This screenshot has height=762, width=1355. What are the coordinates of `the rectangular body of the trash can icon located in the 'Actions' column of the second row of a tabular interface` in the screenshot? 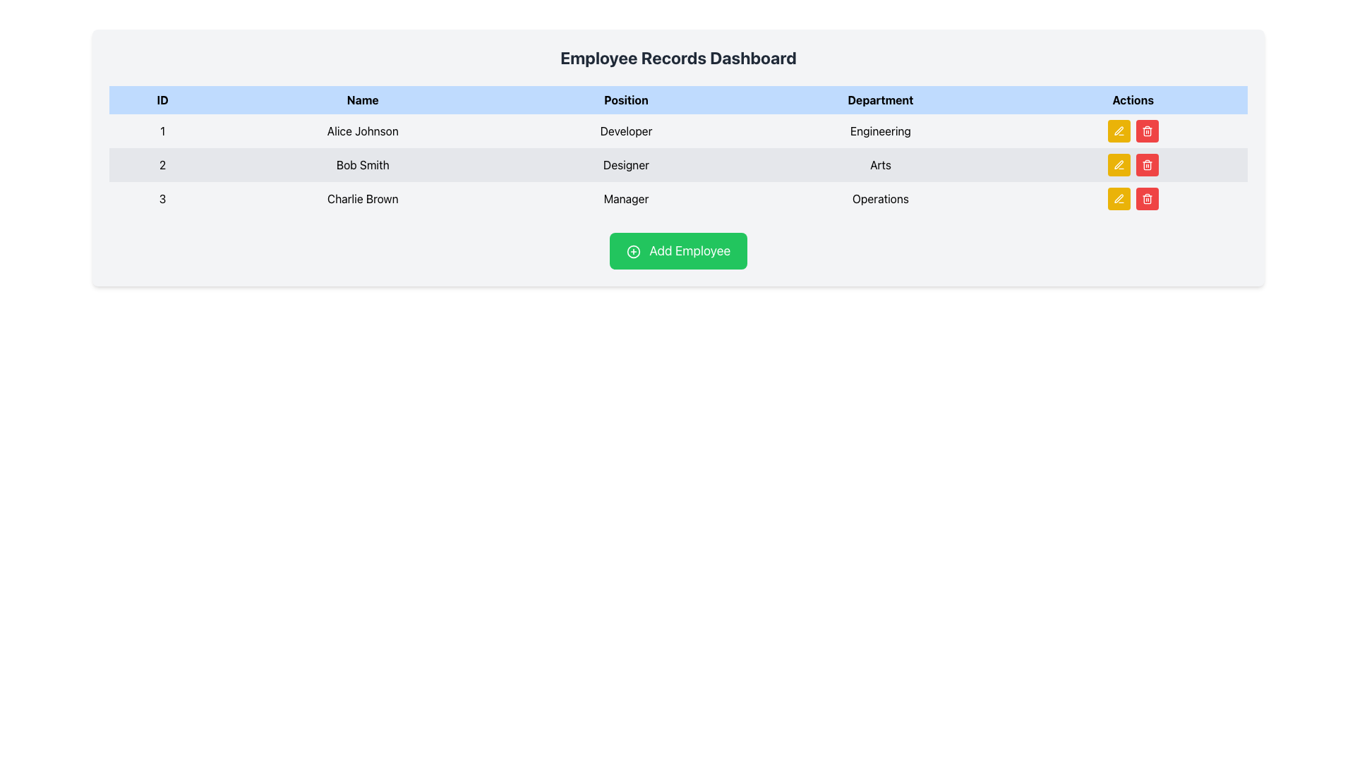 It's located at (1147, 132).